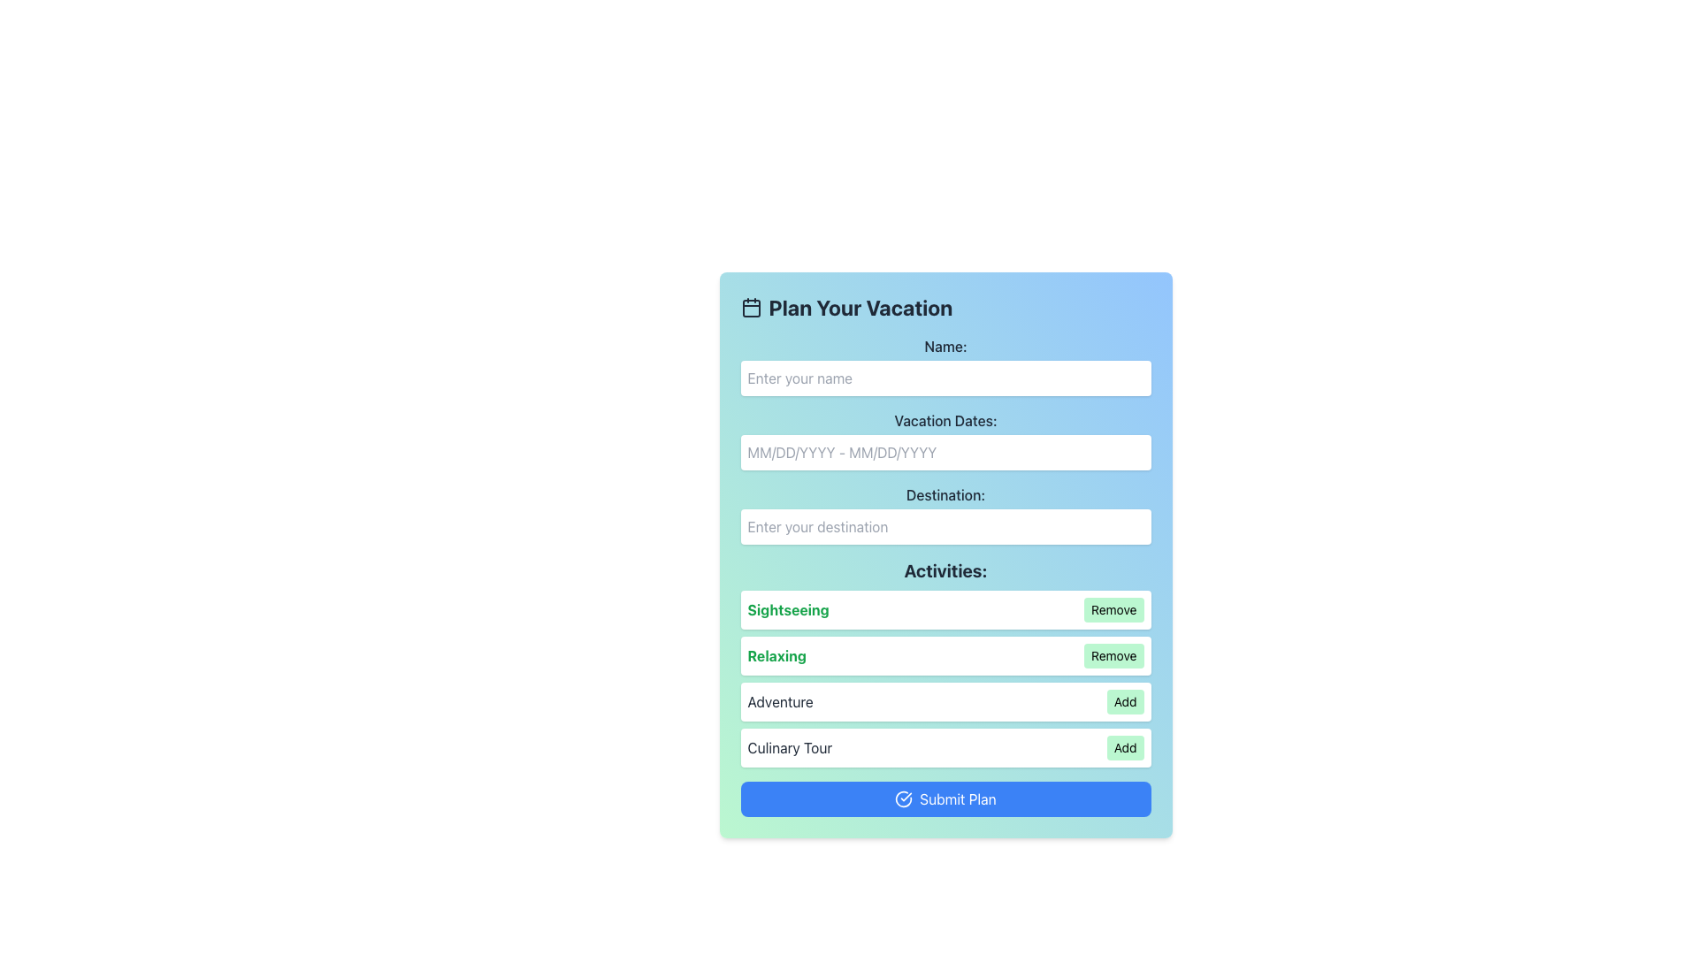 This screenshot has height=955, width=1698. Describe the element at coordinates (779, 701) in the screenshot. I see `the 'Adventure' text label in the 'Activities' section, which is styled in dark gray on a white background and positioned between 'Relaxing' and 'Culinary Tour'` at that location.